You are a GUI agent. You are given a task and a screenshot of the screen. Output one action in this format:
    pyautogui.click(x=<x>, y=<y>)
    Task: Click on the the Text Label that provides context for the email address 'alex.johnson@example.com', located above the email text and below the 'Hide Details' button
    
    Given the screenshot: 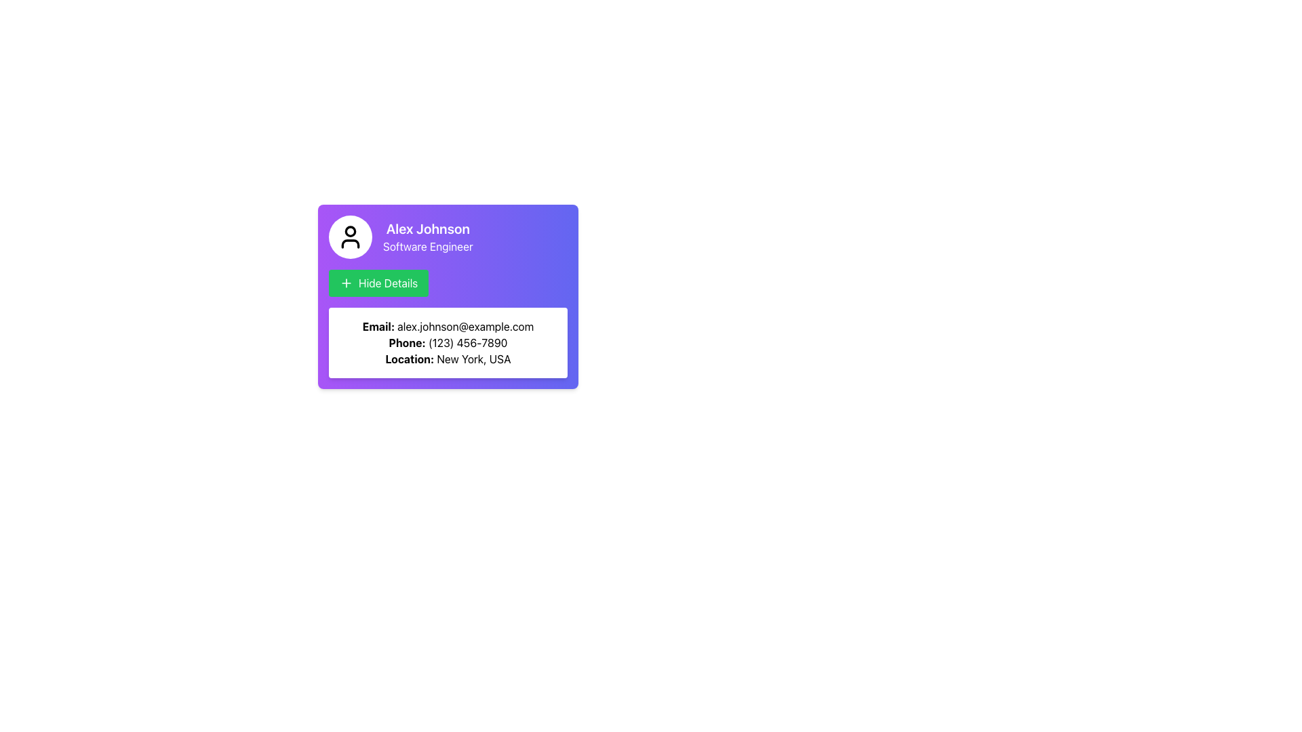 What is the action you would take?
    pyautogui.click(x=378, y=327)
    